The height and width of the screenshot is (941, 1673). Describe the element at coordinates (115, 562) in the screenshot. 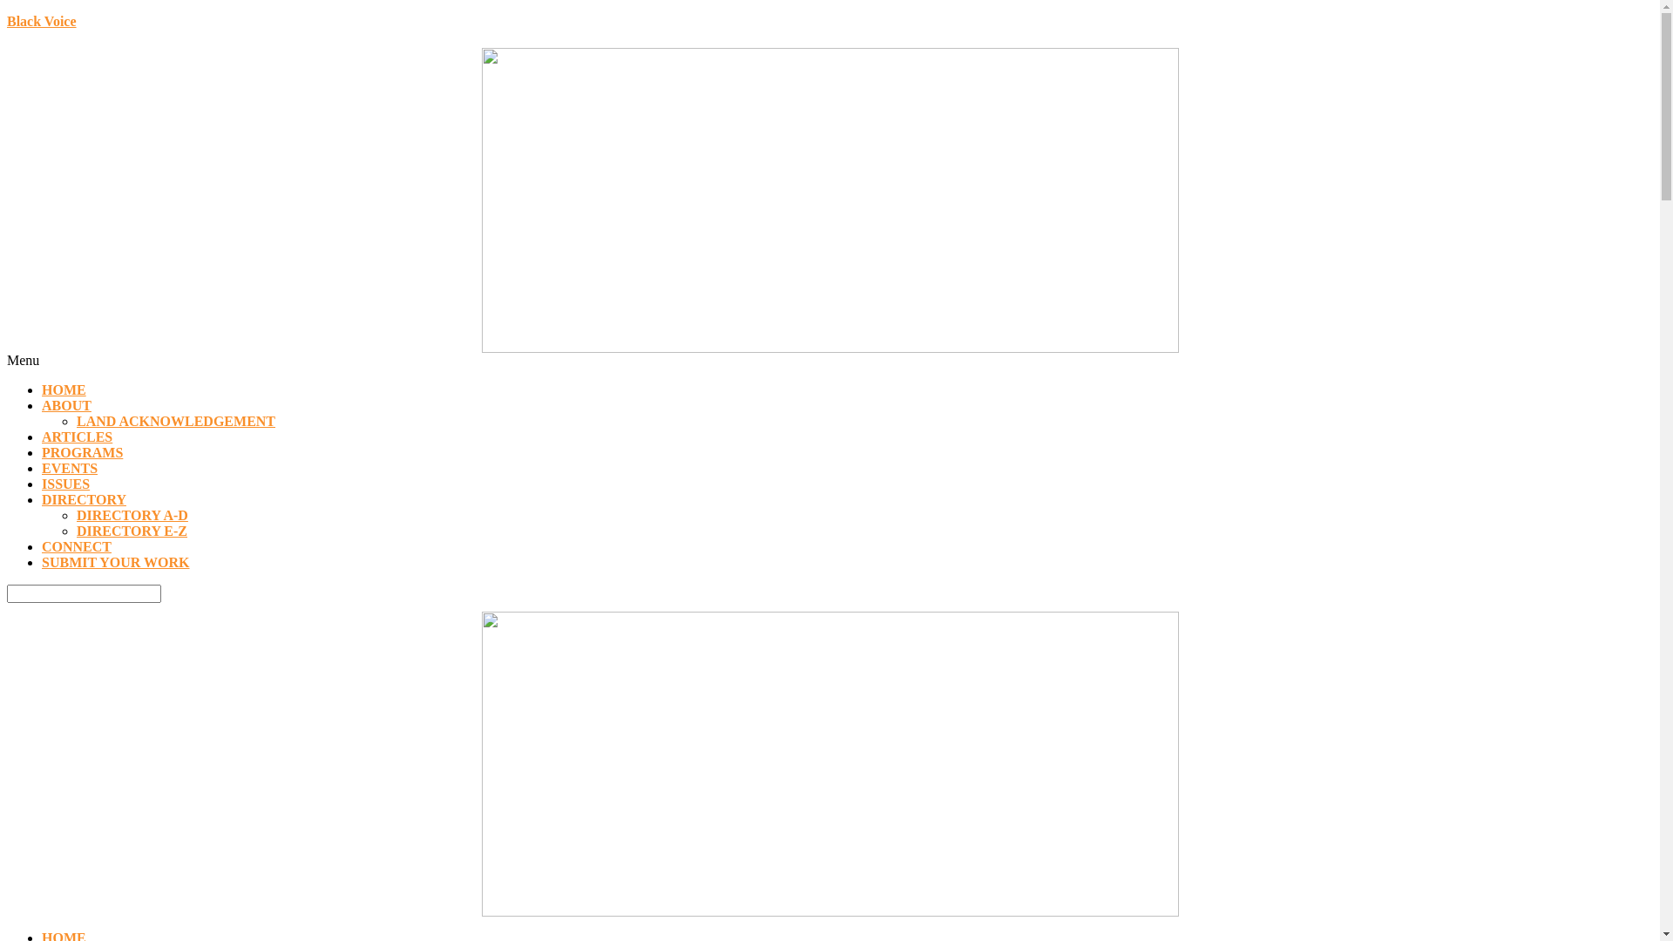

I see `'SUBMIT YOUR WORK'` at that location.